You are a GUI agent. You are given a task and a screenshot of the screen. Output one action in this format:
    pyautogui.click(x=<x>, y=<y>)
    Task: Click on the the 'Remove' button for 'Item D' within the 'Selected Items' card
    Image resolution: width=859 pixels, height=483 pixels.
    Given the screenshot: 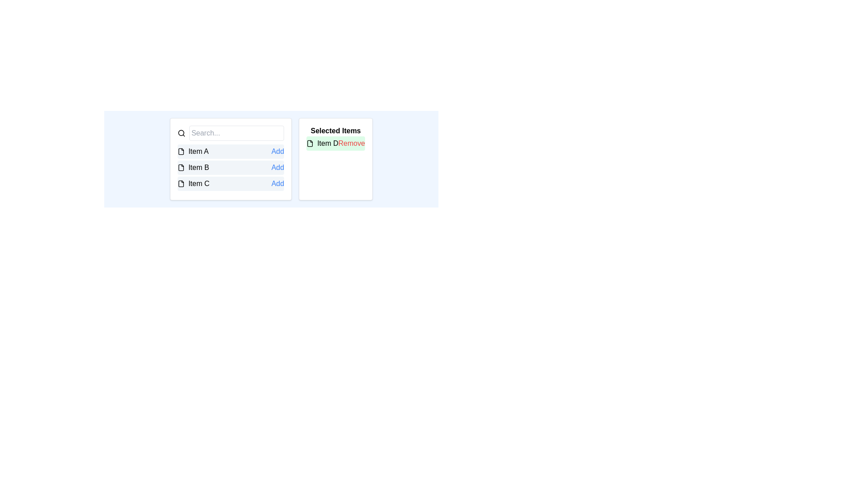 What is the action you would take?
    pyautogui.click(x=335, y=143)
    